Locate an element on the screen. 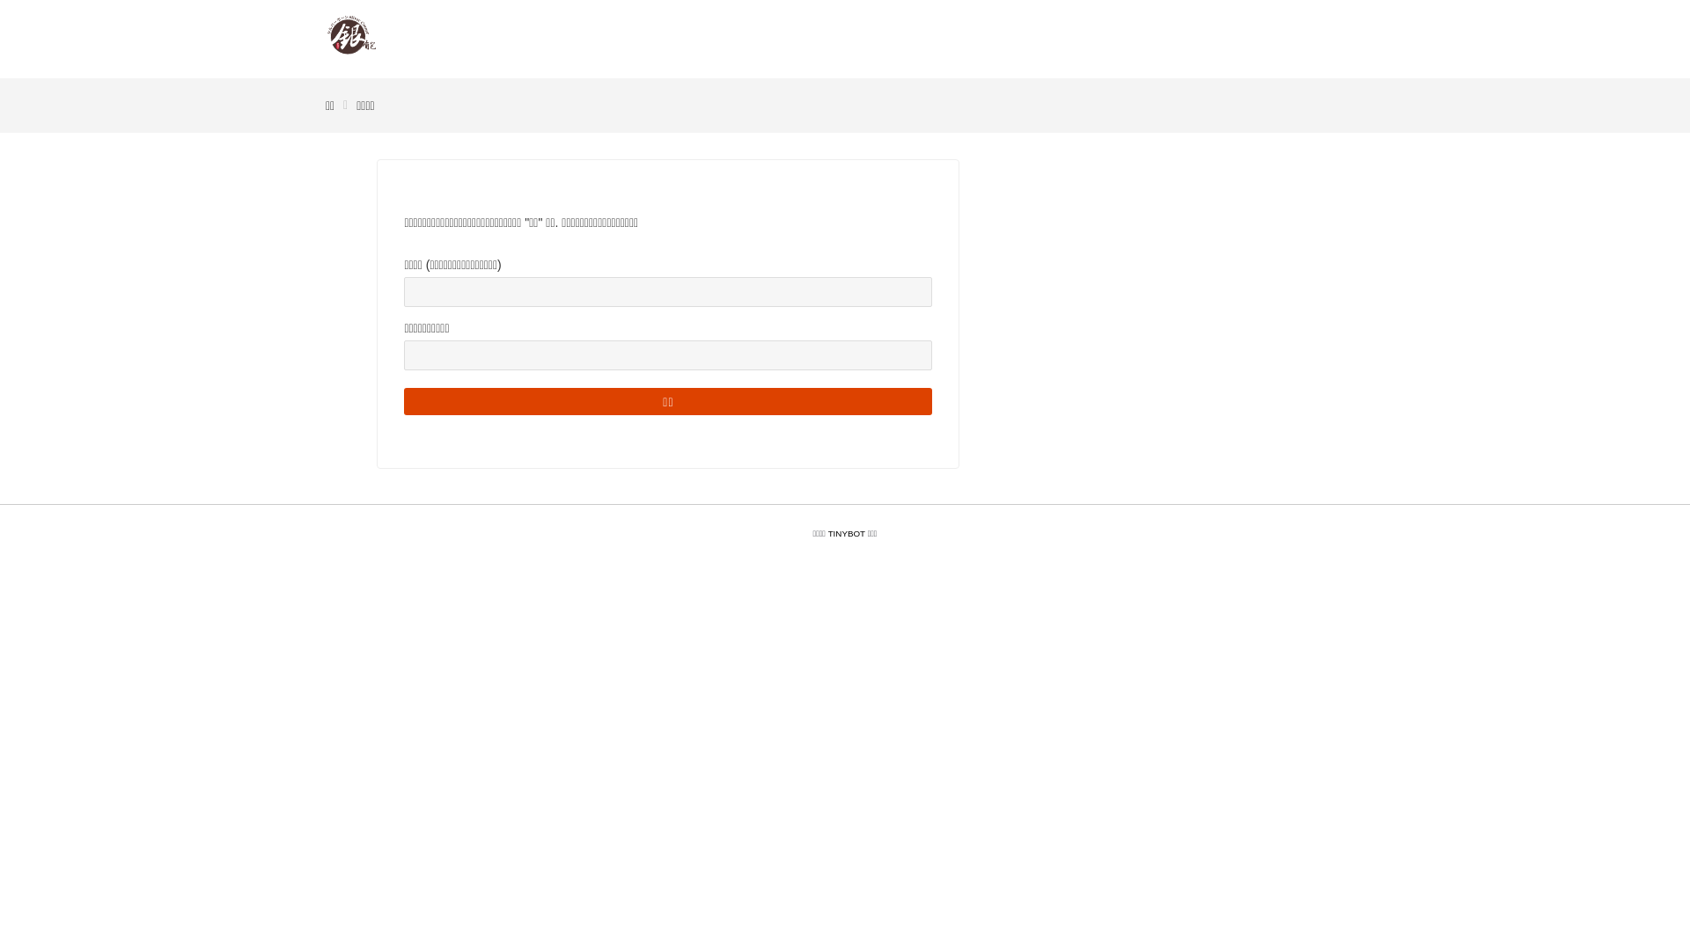 Image resolution: width=1690 pixels, height=950 pixels. 'TINYBOT' is located at coordinates (846, 532).